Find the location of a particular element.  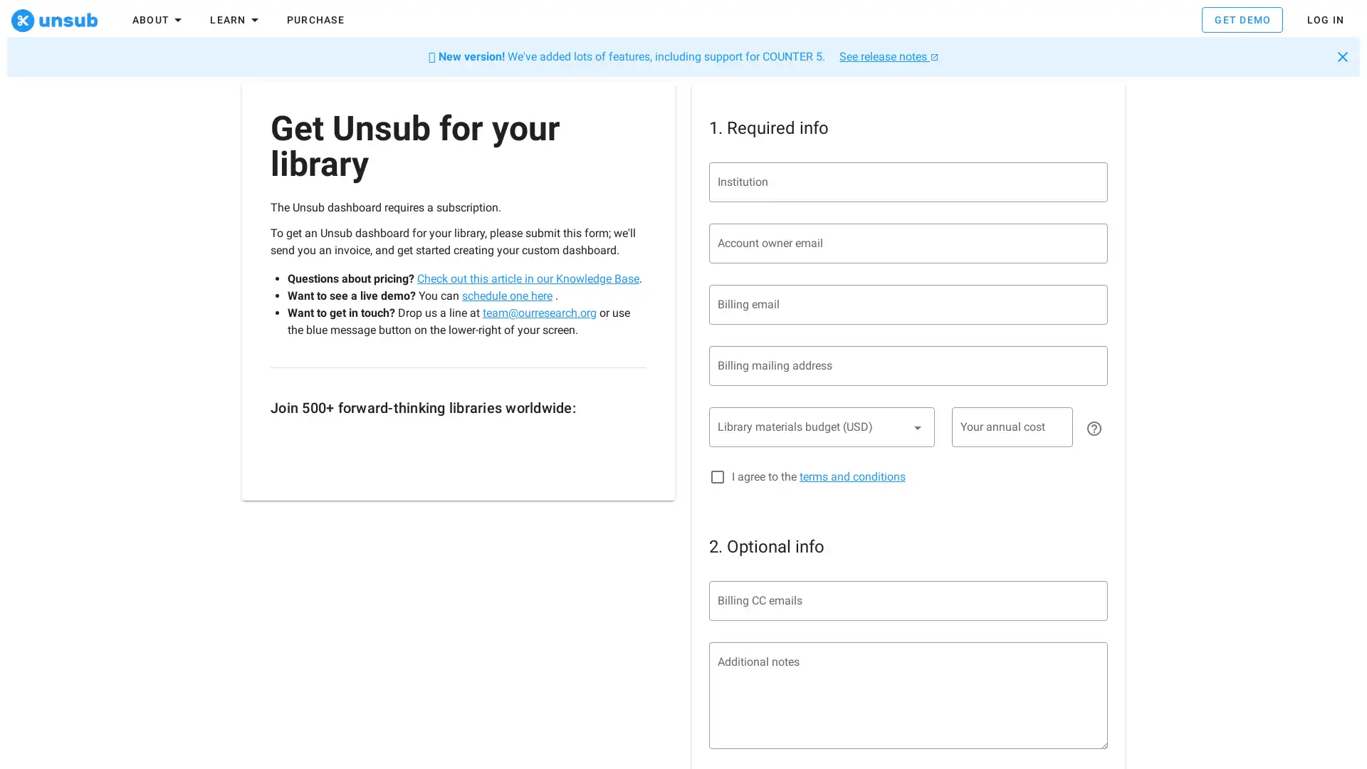

ABOUT is located at coordinates (158, 22).